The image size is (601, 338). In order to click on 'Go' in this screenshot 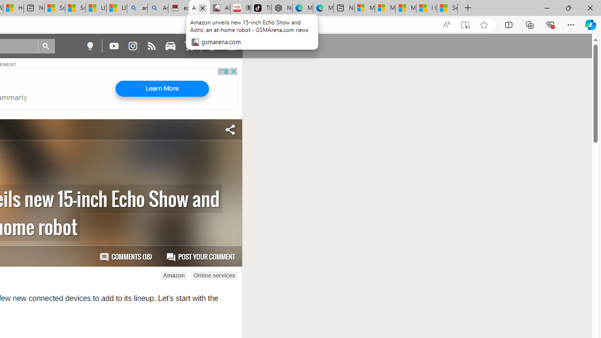, I will do `click(46, 46)`.